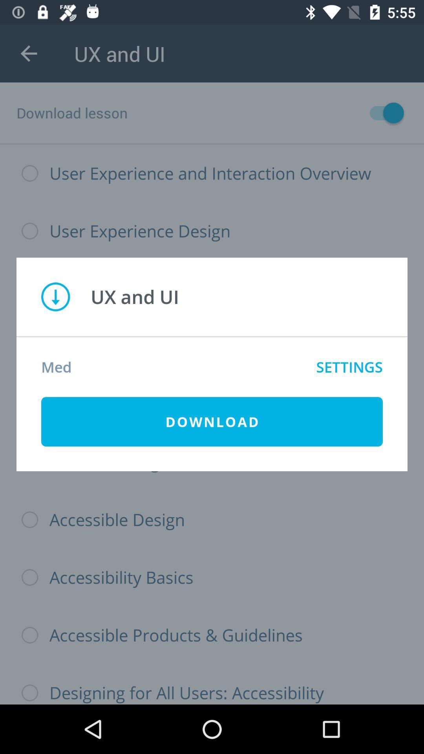 The height and width of the screenshot is (754, 424). I want to click on the settings on the right, so click(349, 366).